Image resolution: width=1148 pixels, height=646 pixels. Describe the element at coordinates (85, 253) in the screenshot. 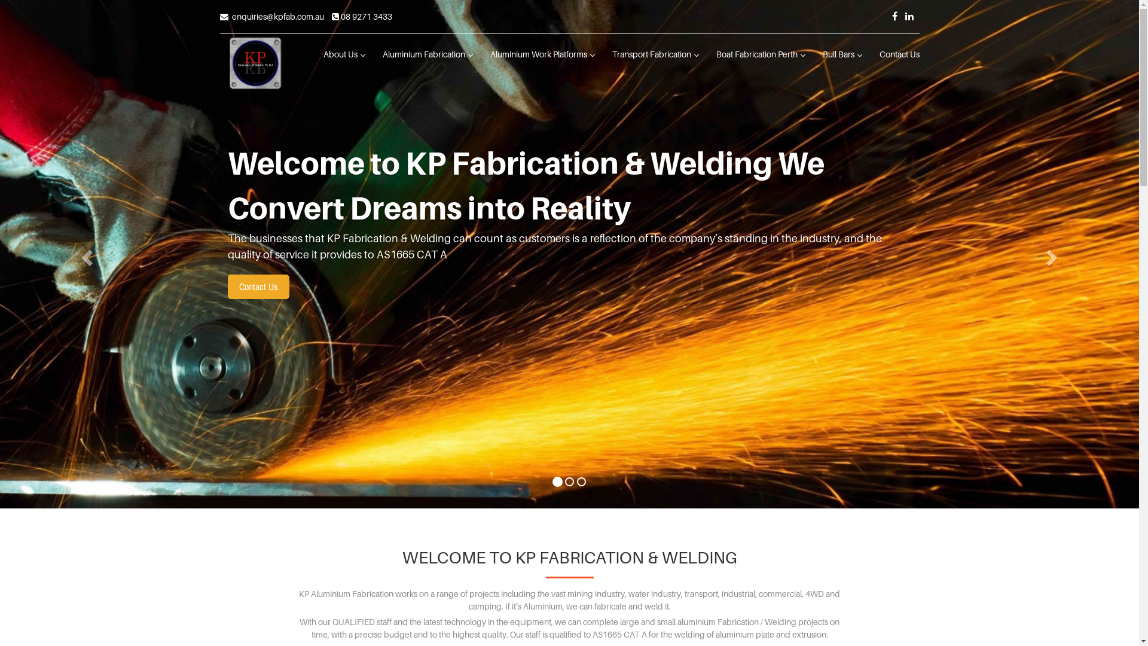

I see `'Previous'` at that location.